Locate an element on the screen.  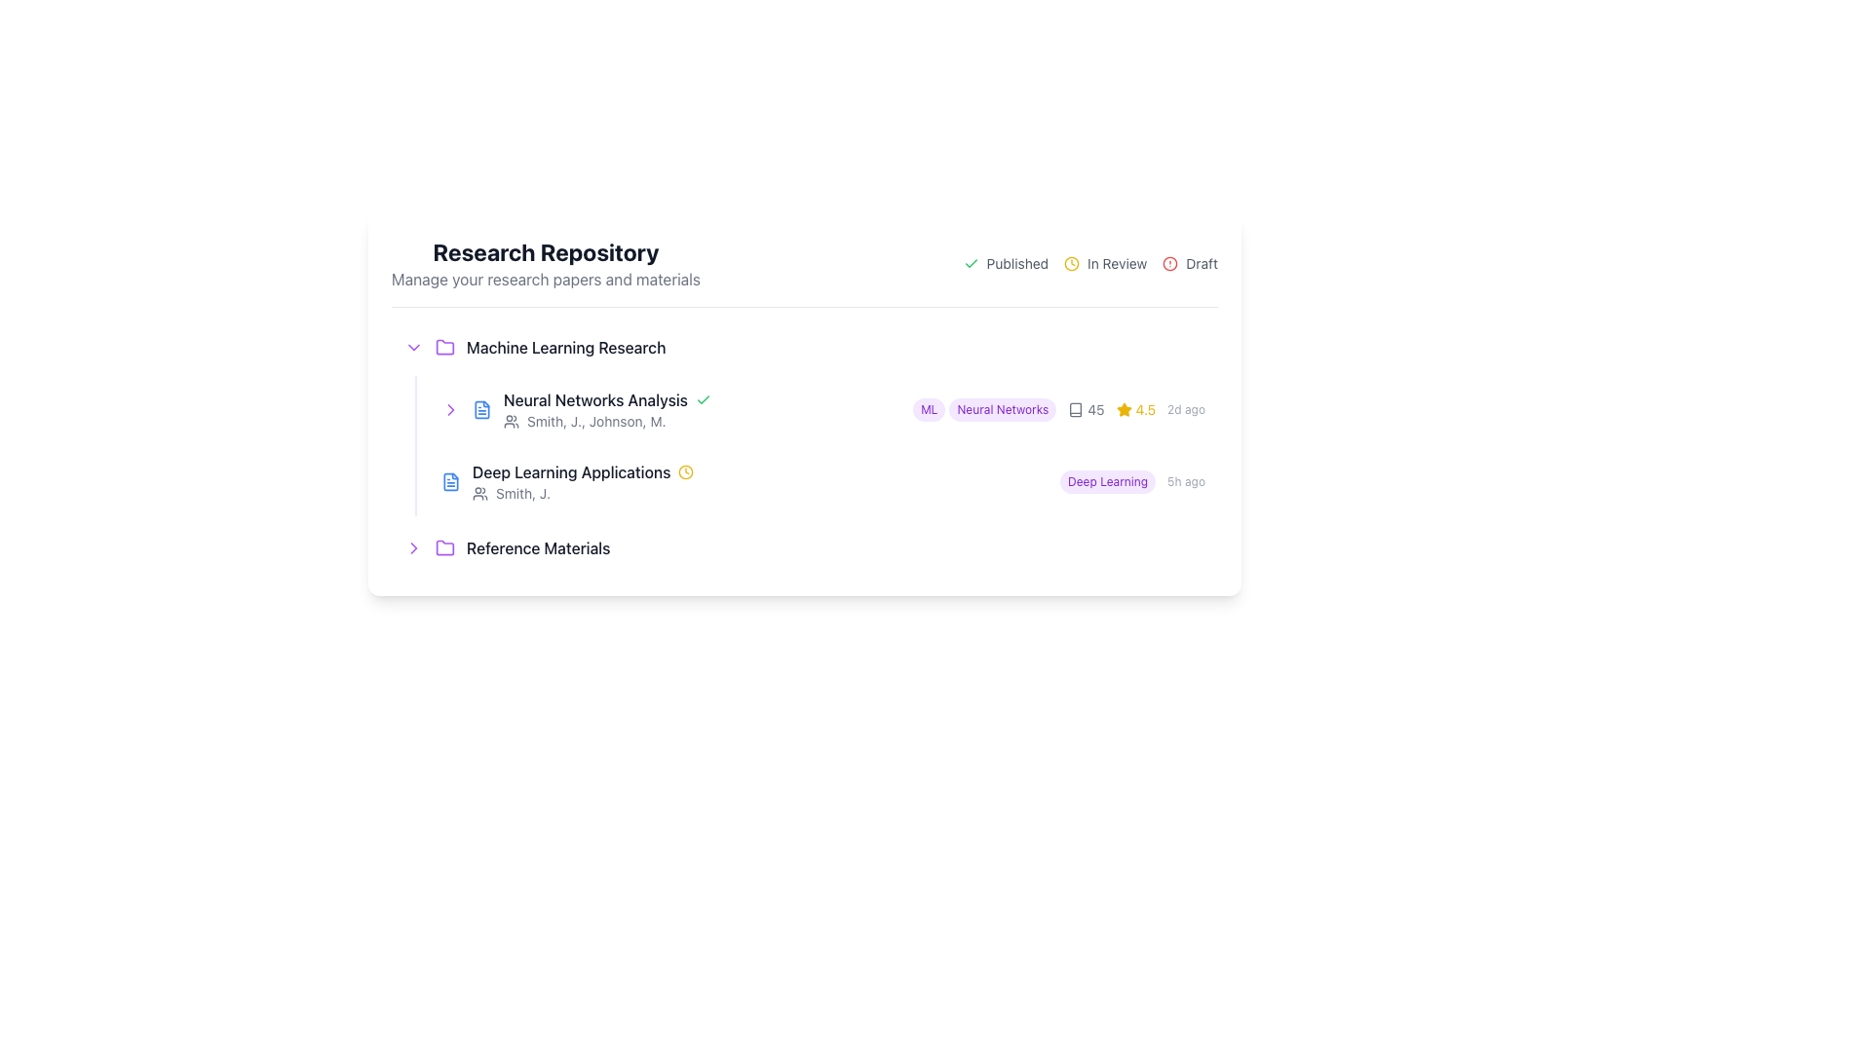
the first entry titled 'Neural Networks Analysis' in the 'Machine Learning Research' section is located at coordinates (804, 419).